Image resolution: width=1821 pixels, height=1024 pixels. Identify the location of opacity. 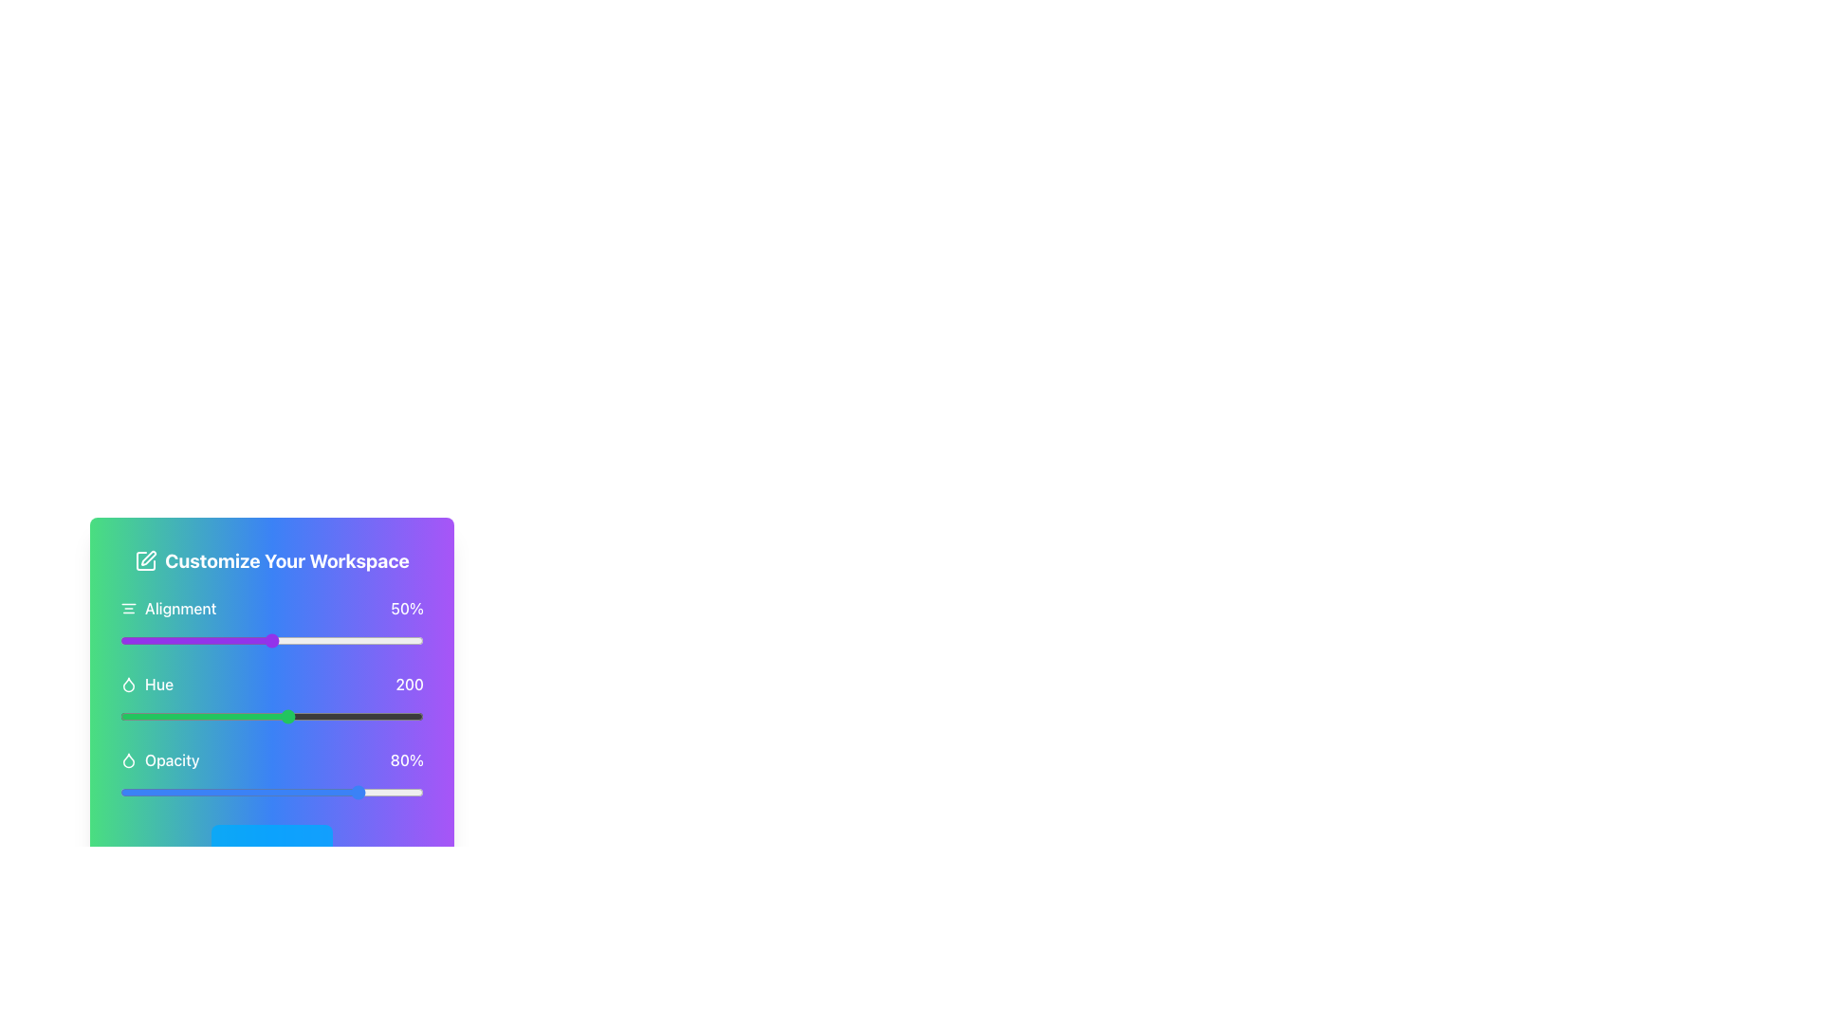
(146, 793).